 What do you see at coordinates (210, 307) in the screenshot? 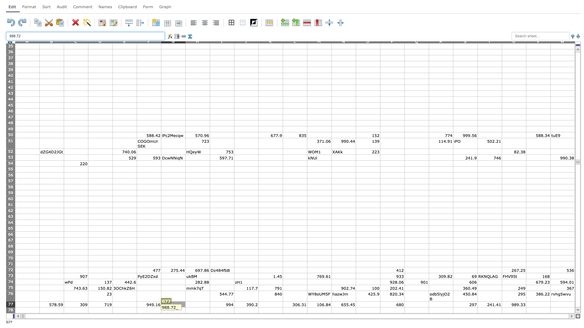
I see `top left corner of I78` at bounding box center [210, 307].